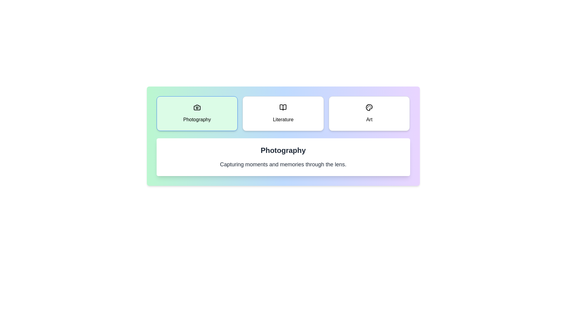 The image size is (585, 329). Describe the element at coordinates (197, 107) in the screenshot. I see `the 'Photography' category icon located in the top-left section of the interface for accessibility purposes` at that location.